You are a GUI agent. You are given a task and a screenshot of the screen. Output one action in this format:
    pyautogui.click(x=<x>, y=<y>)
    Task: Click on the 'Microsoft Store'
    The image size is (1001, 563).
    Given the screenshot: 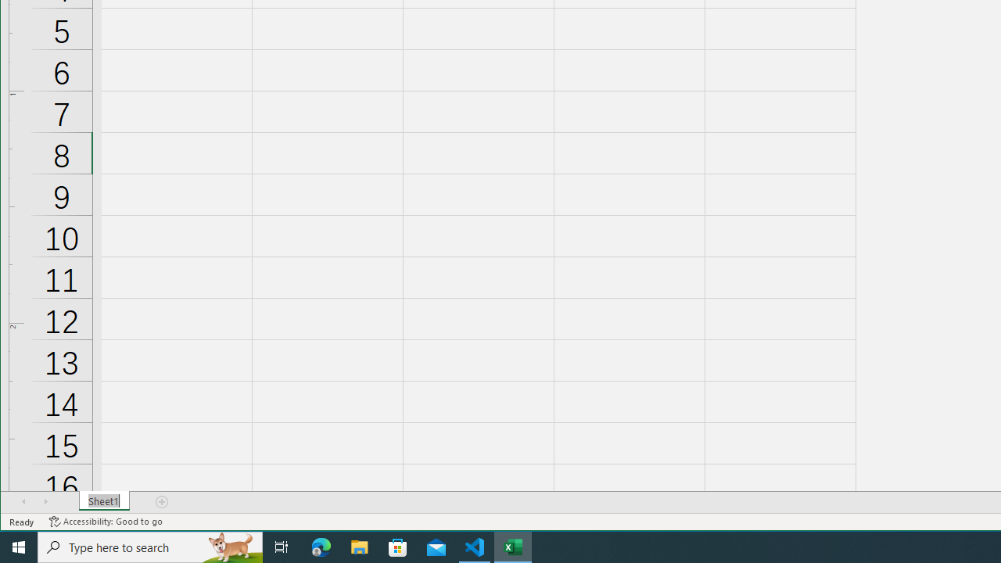 What is the action you would take?
    pyautogui.click(x=398, y=546)
    